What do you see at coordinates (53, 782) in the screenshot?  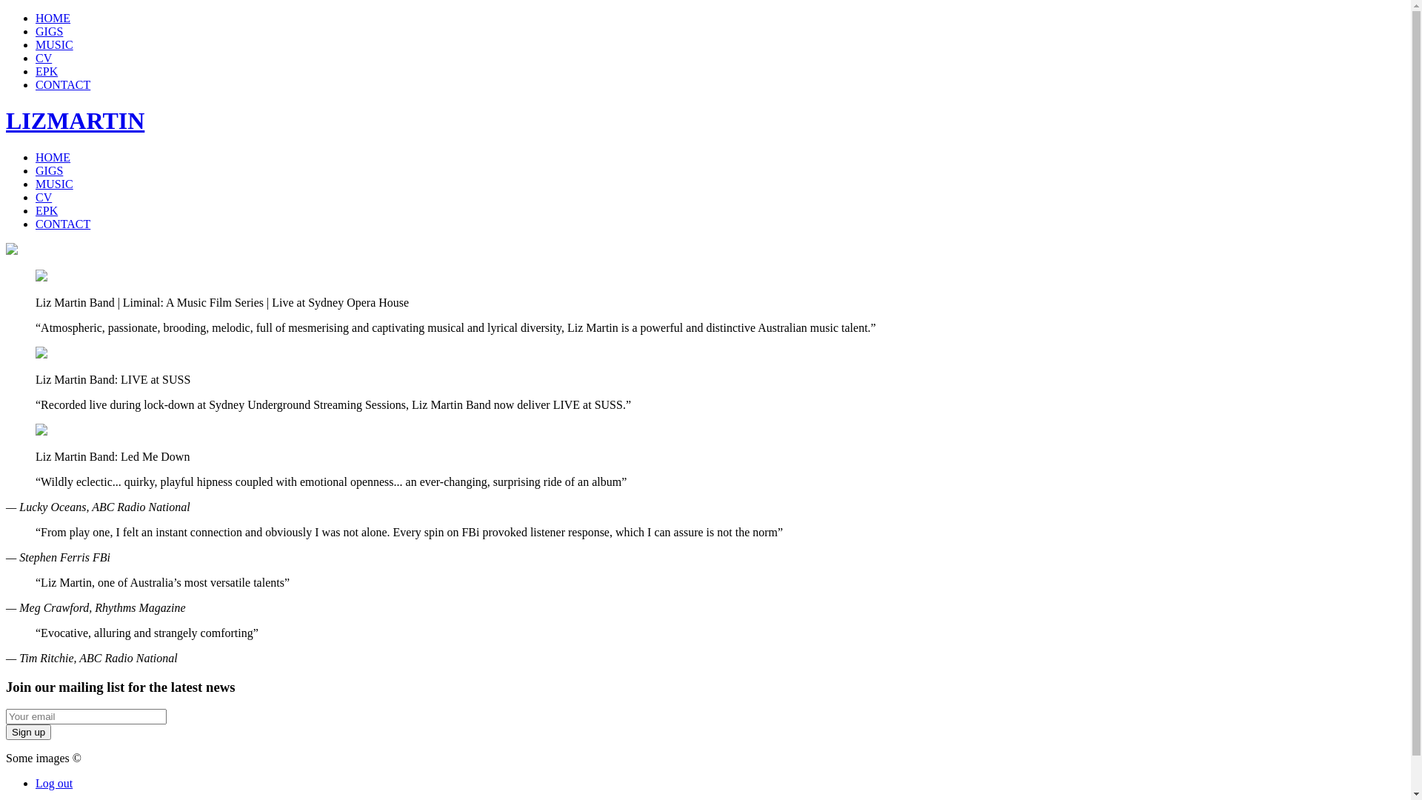 I see `'Log out'` at bounding box center [53, 782].